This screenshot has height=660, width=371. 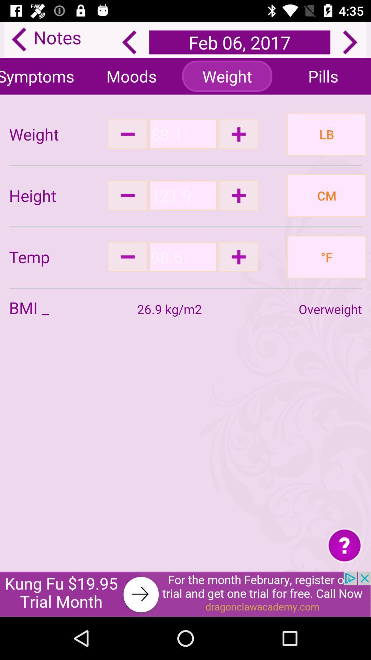 I want to click on the add icon, so click(x=238, y=256).